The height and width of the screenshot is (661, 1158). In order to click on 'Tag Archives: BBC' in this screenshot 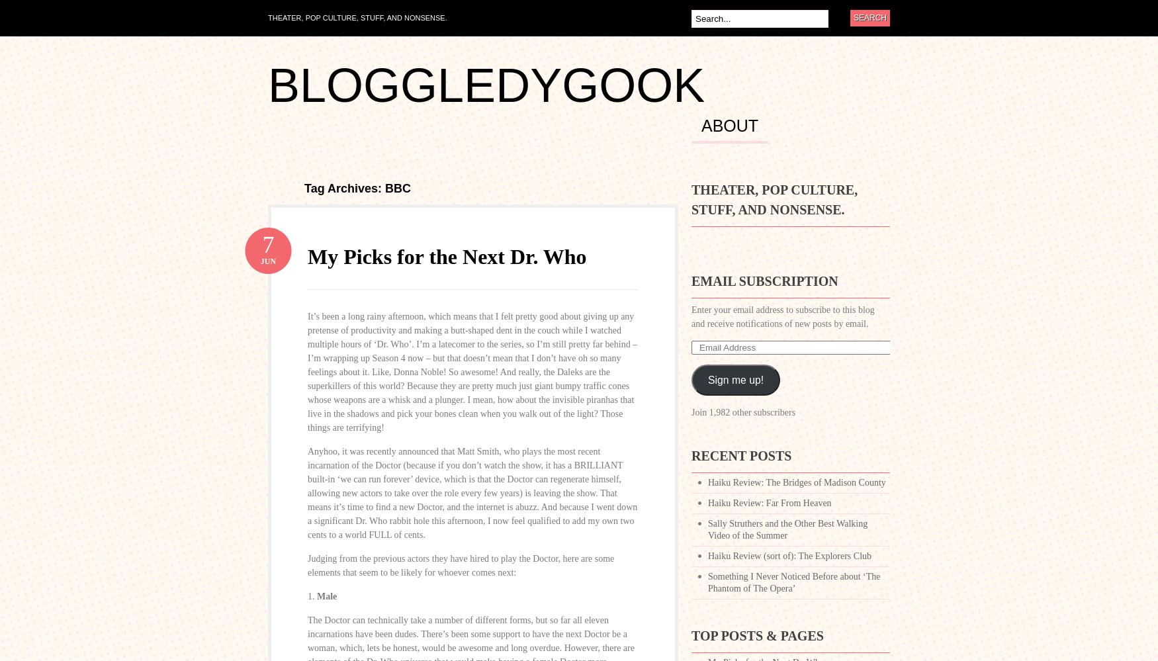, I will do `click(357, 188)`.